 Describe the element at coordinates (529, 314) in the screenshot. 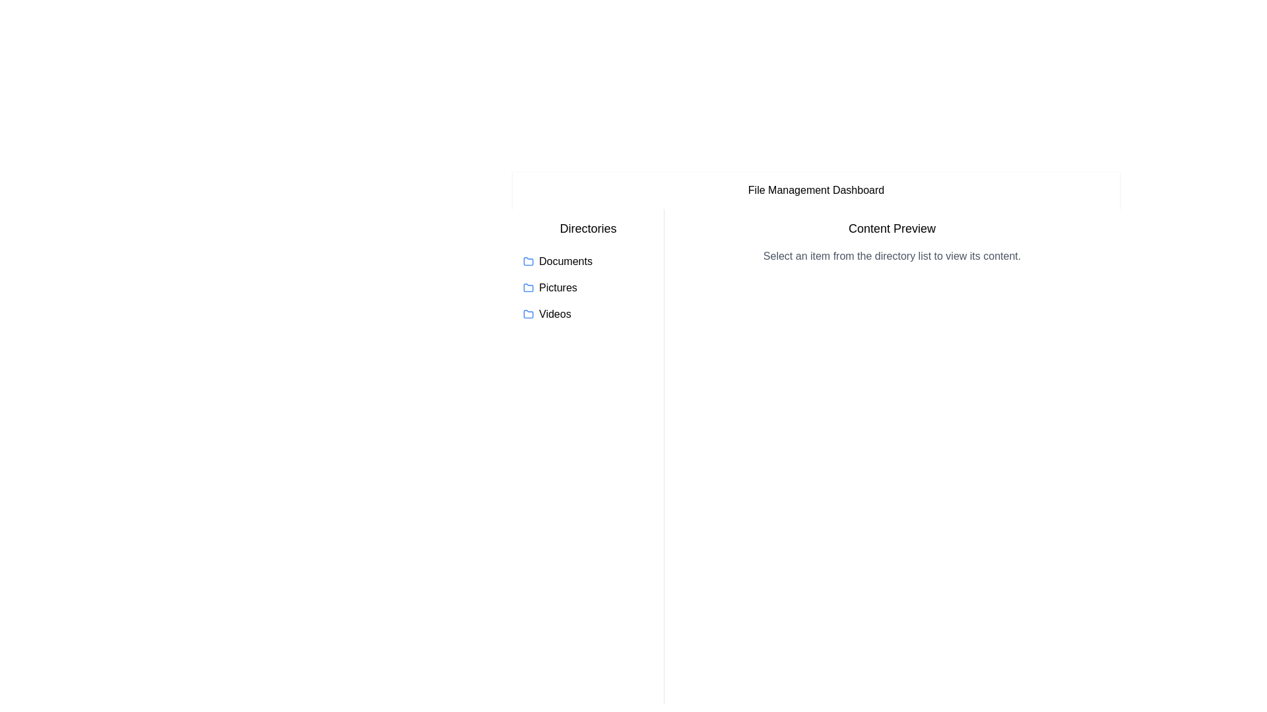

I see `the folder icon with a blue outline located next to the text 'Videos' under the 'Directories' heading` at that location.